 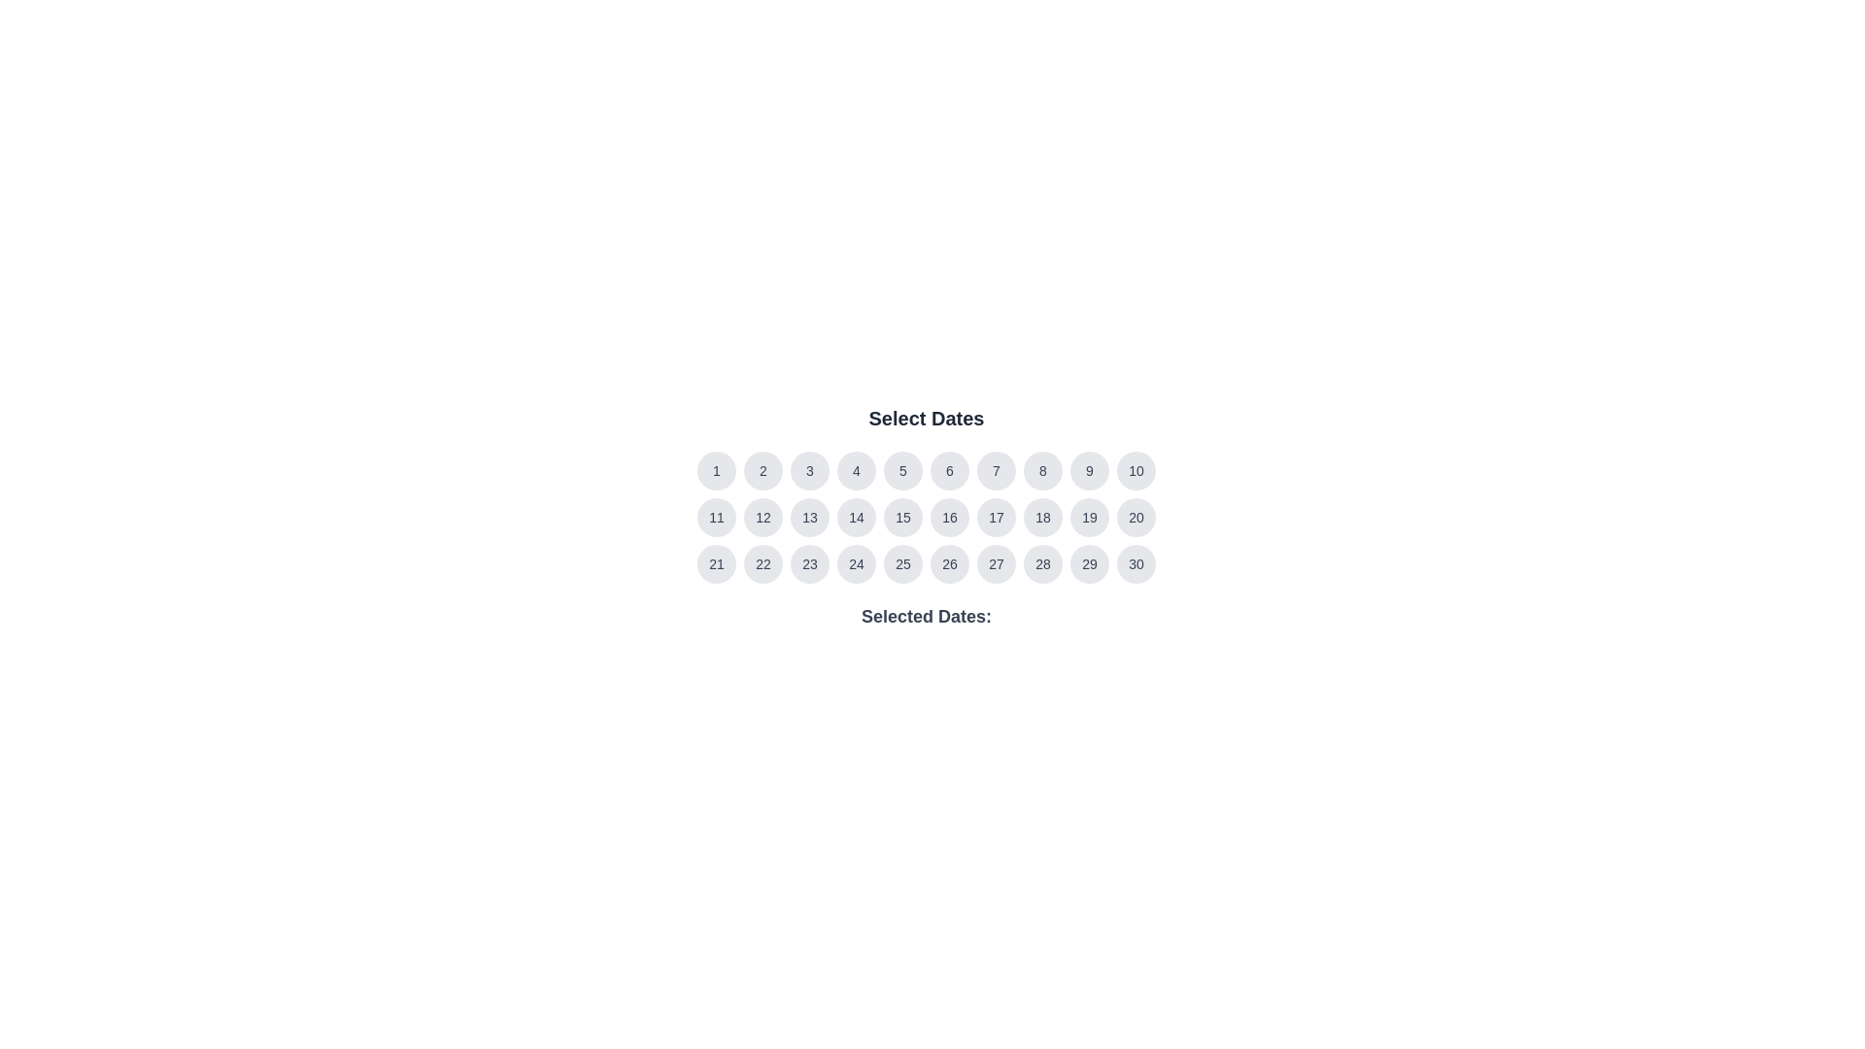 I want to click on the circular button labeled '23' with a gray background, so click(x=810, y=564).